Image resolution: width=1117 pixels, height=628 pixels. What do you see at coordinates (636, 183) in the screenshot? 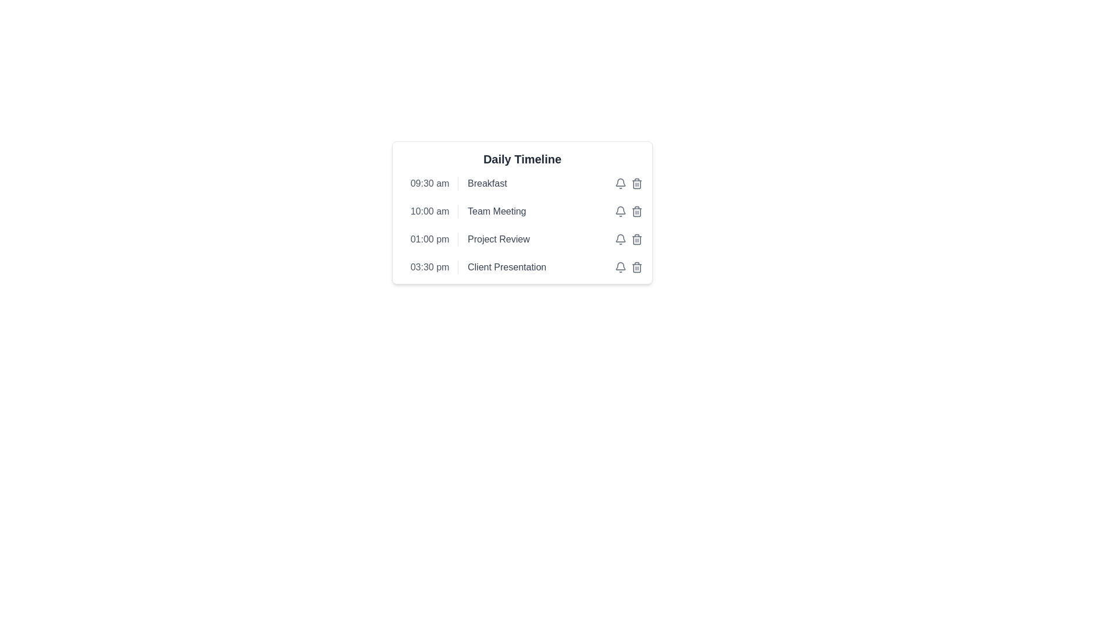
I see `the topmost delete icon button in the column of delete icons` at bounding box center [636, 183].